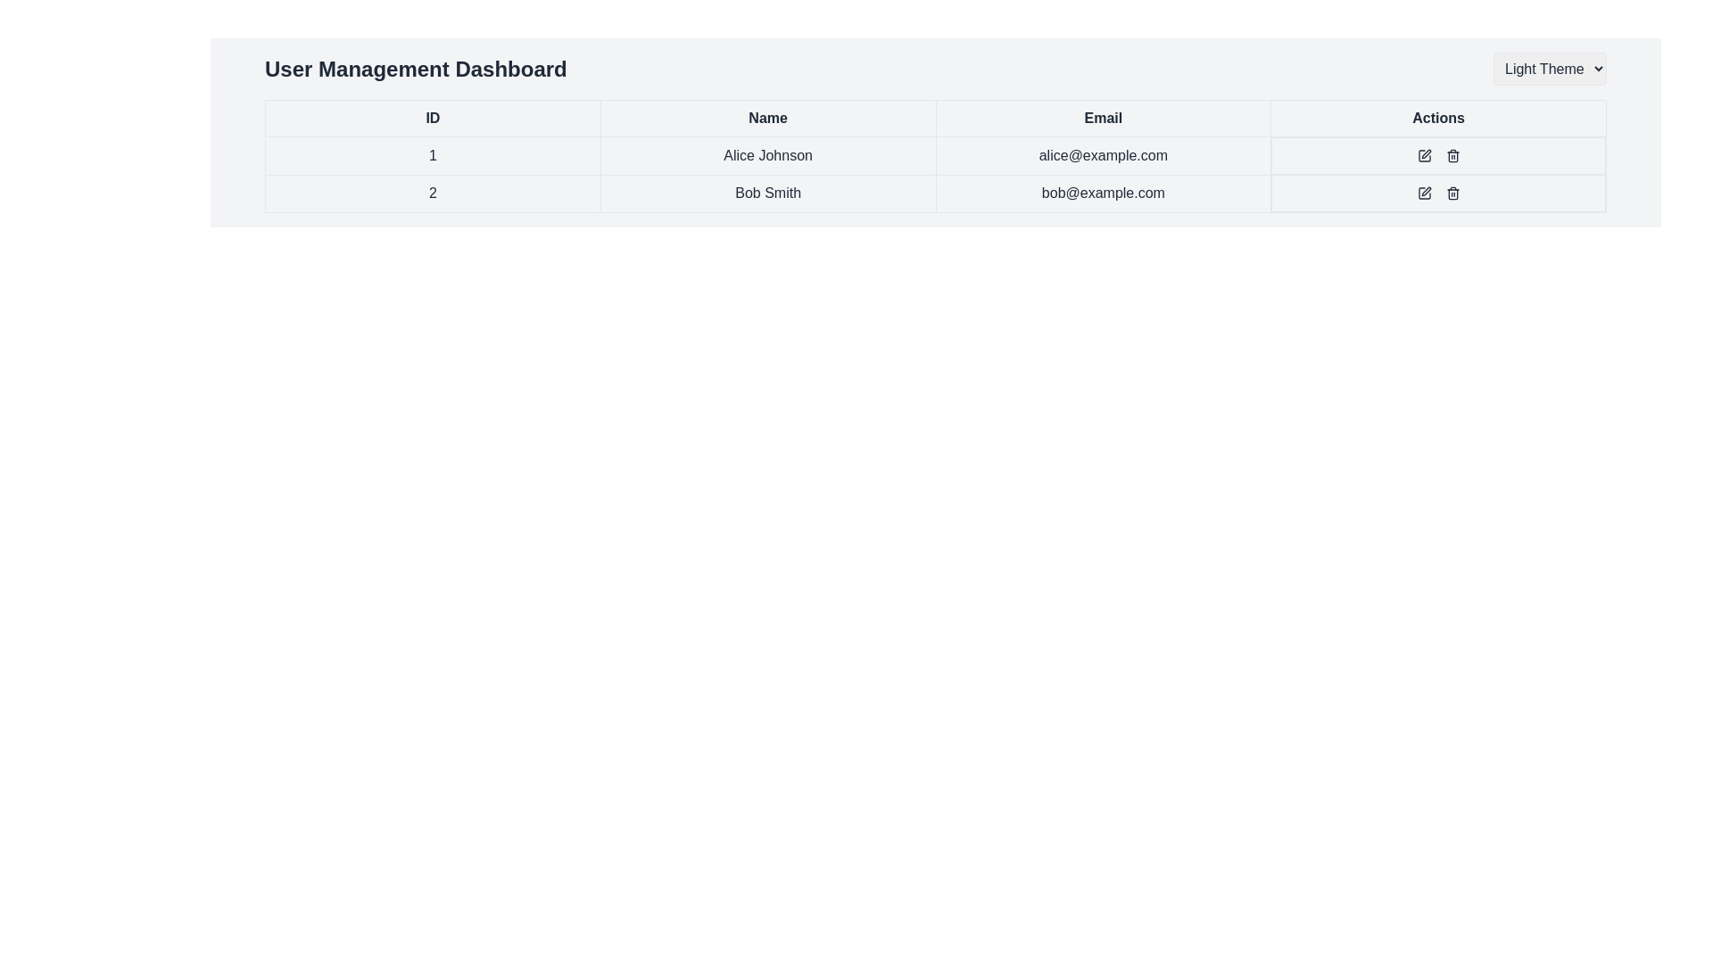 Image resolution: width=1713 pixels, height=963 pixels. Describe the element at coordinates (1423, 193) in the screenshot. I see `the icon button that resembles a pen and square in the actions column of the second row of the user management table` at that location.